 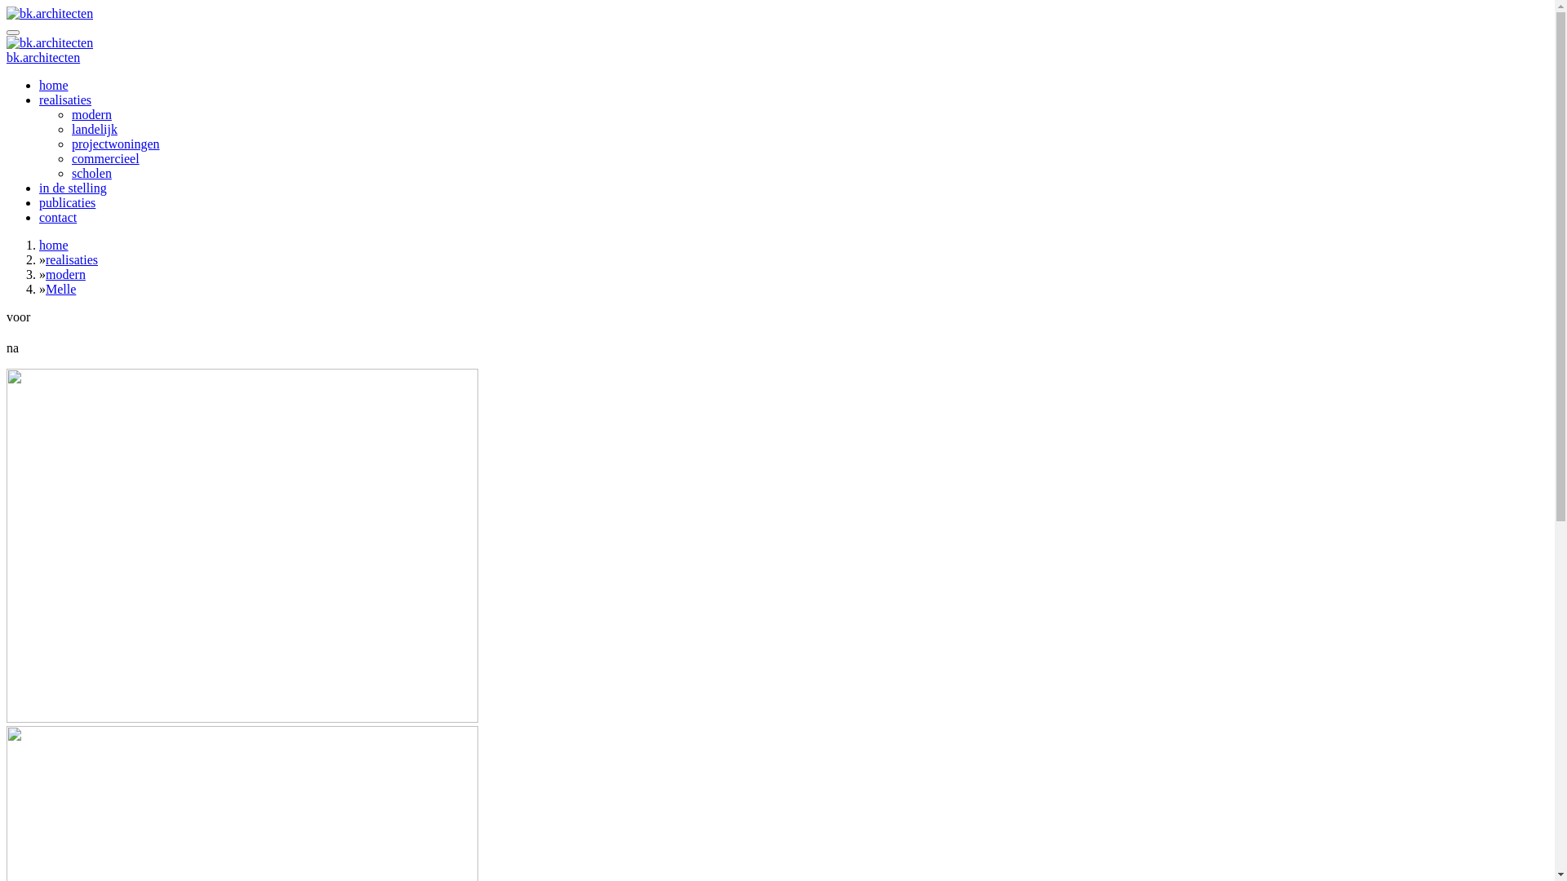 I want to click on 'landelijk', so click(x=93, y=128).